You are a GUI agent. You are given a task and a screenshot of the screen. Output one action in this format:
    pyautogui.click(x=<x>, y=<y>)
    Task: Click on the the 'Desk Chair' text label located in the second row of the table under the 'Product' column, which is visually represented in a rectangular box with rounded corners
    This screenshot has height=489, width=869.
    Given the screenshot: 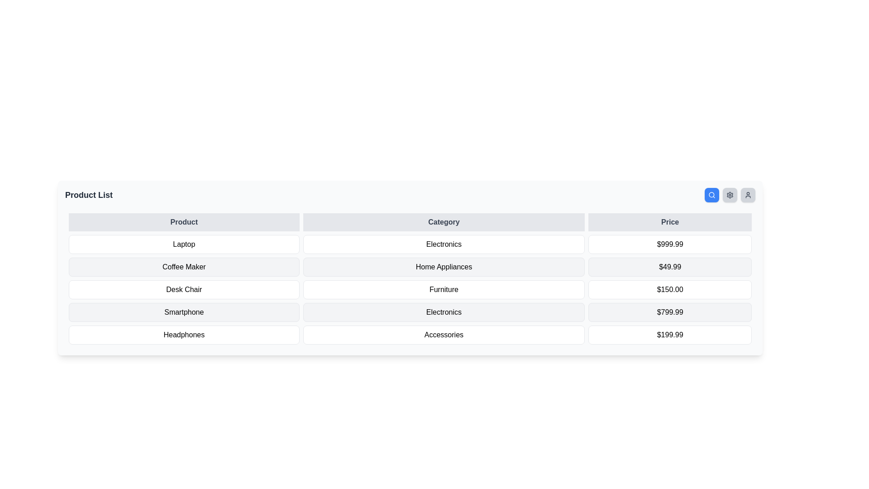 What is the action you would take?
    pyautogui.click(x=183, y=290)
    